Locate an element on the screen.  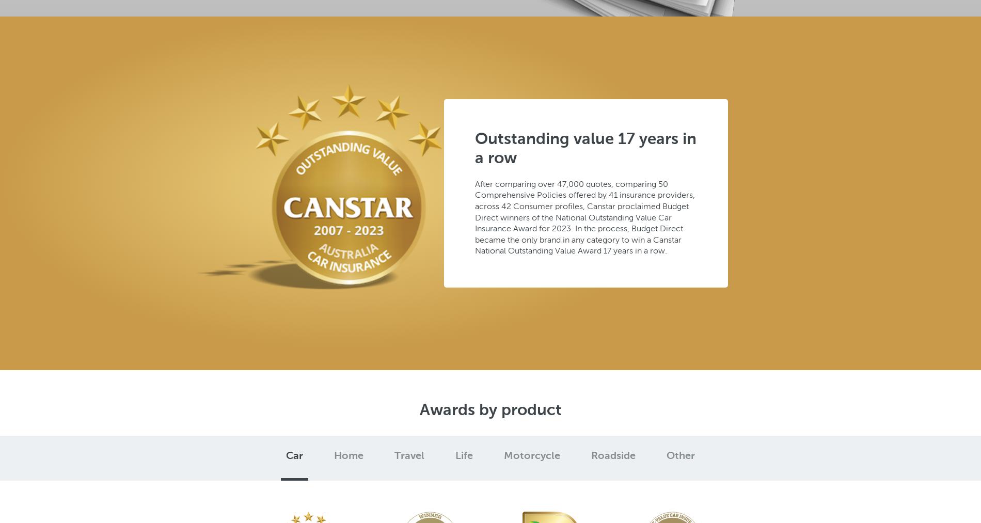
'Awards by product' is located at coordinates (489, 410).